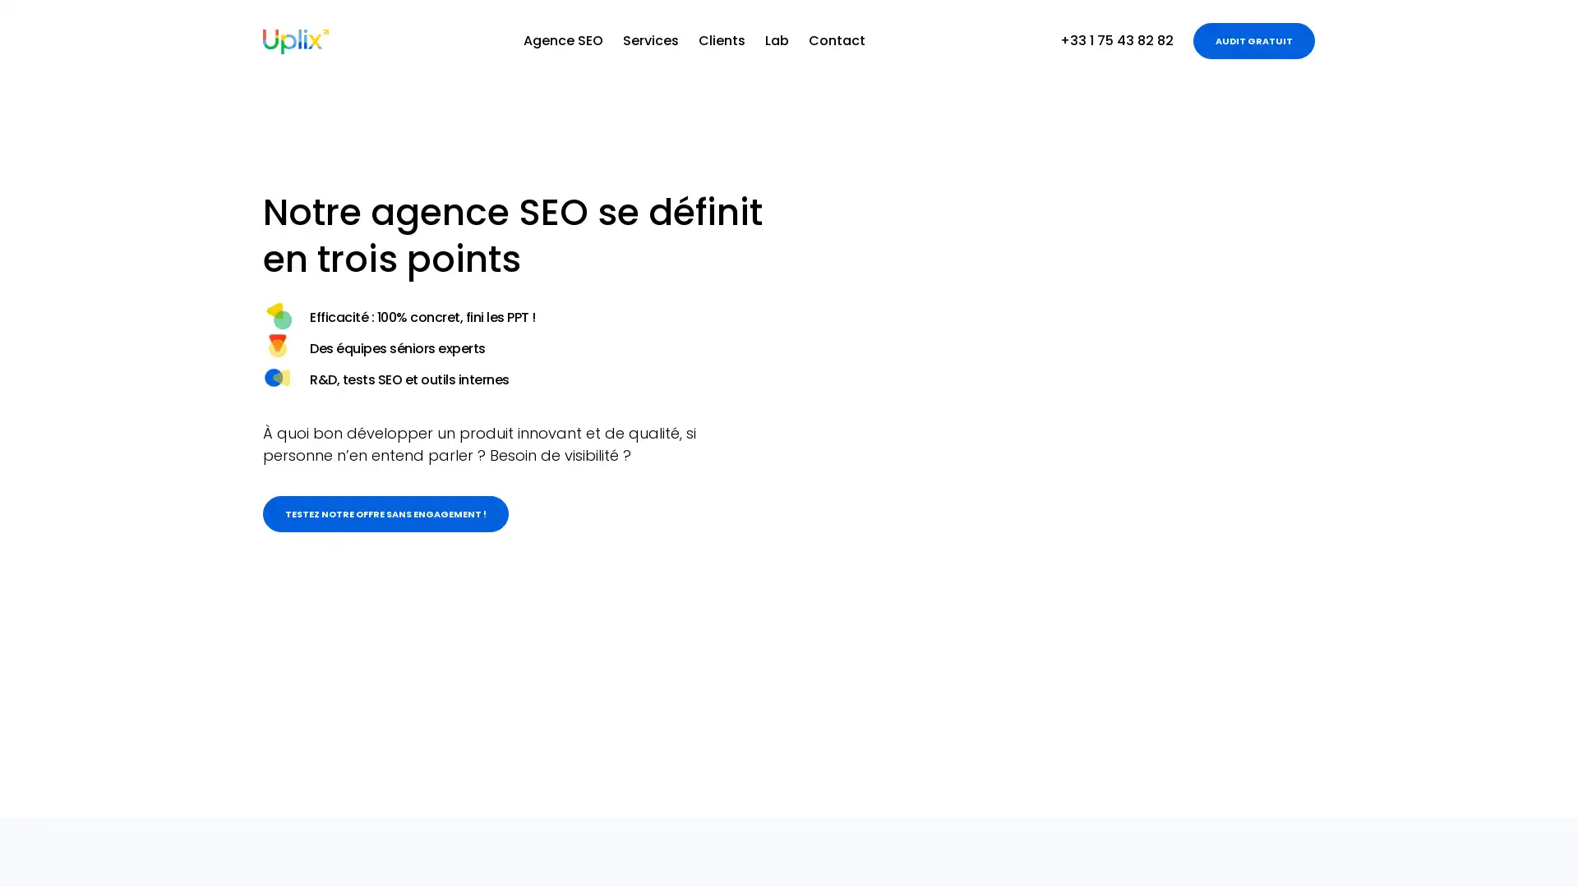 This screenshot has height=887, width=1578. What do you see at coordinates (1273, 803) in the screenshot?
I see `Non merci` at bounding box center [1273, 803].